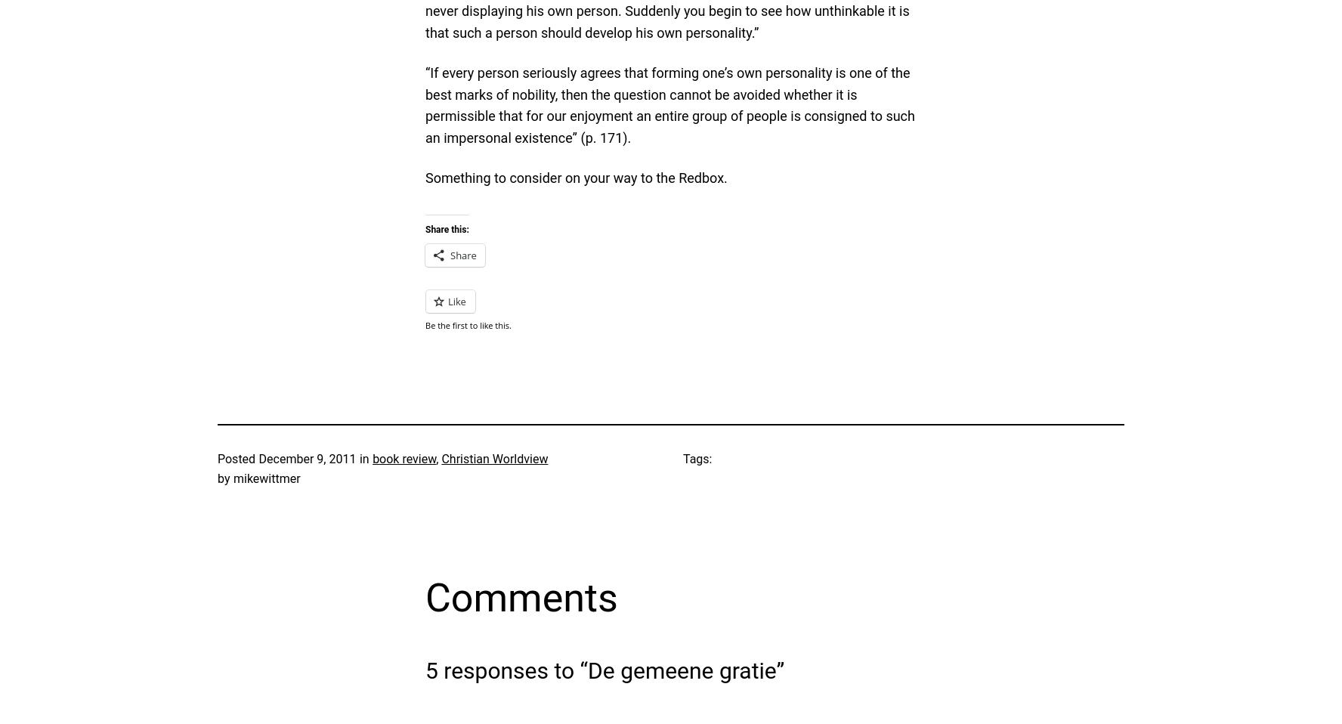  What do you see at coordinates (307, 459) in the screenshot?
I see `'December 9, 2011'` at bounding box center [307, 459].